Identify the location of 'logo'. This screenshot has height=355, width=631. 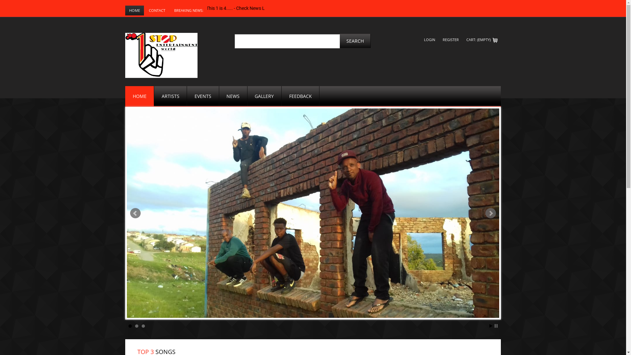
(161, 55).